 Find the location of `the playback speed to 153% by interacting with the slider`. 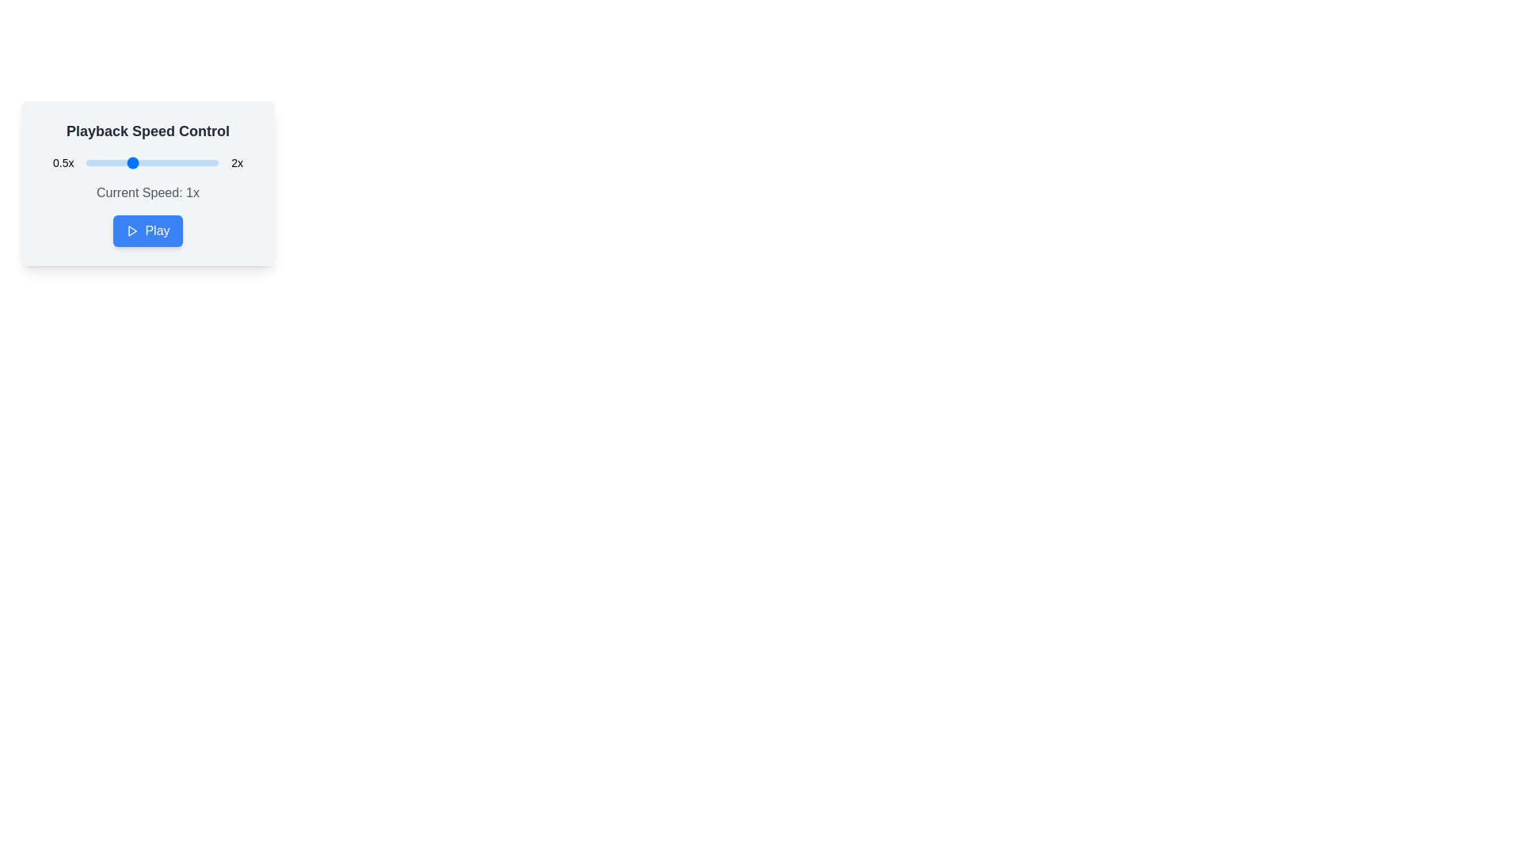

the playback speed to 153% by interacting with the slider is located at coordinates (177, 162).